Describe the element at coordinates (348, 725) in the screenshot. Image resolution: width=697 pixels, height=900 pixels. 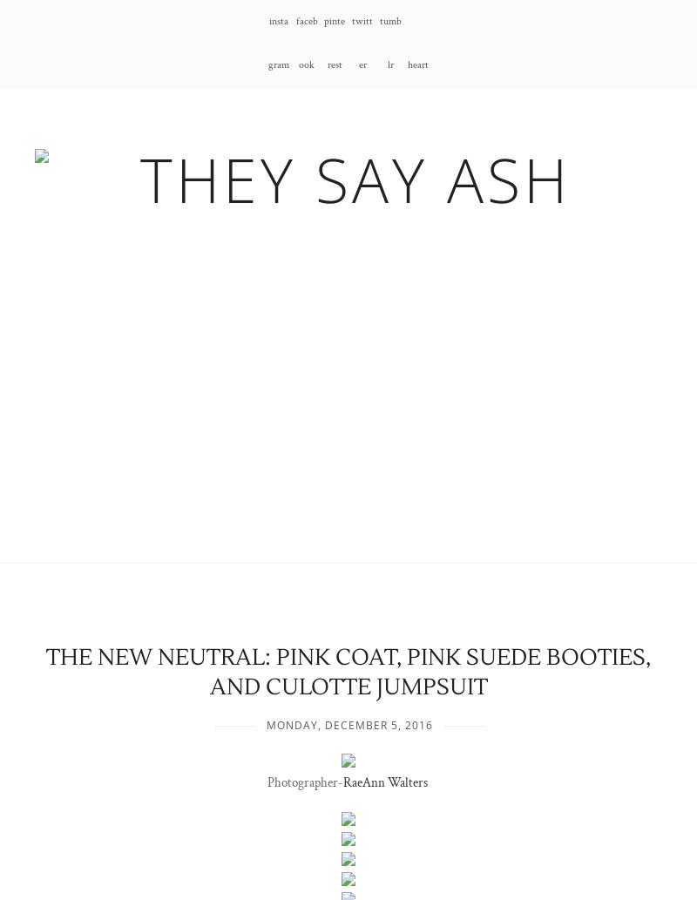
I see `'Monday, December 5, 2016'` at that location.